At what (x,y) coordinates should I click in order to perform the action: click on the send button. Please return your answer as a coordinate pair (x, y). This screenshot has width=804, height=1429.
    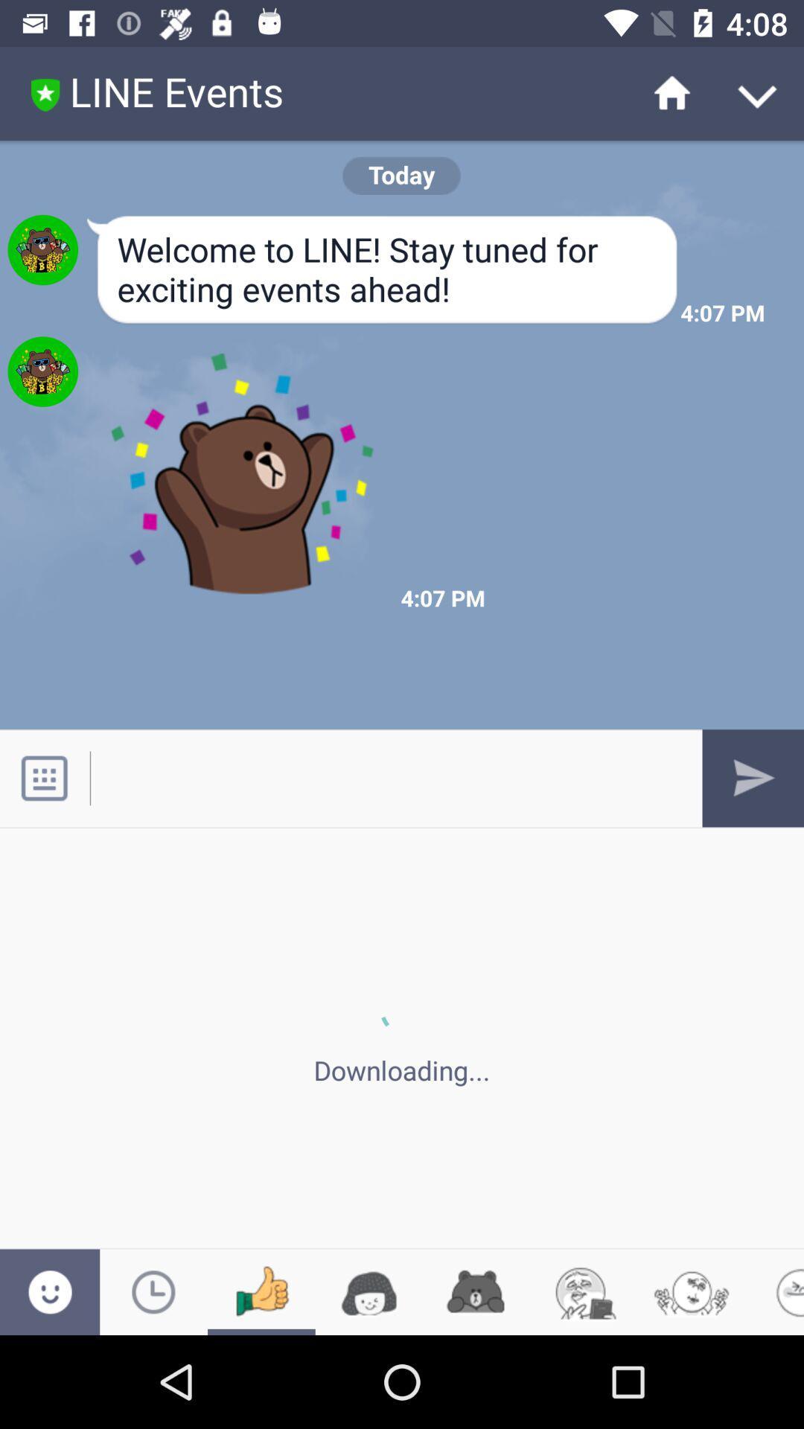
    Looking at the image, I should click on (753, 778).